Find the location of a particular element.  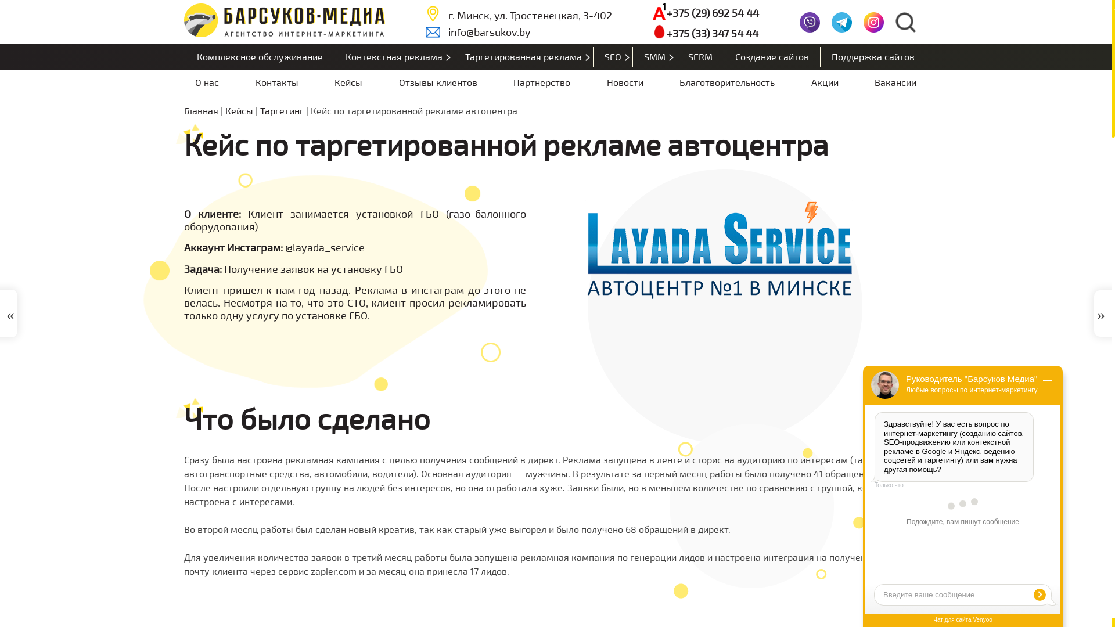

'SERM' is located at coordinates (700, 56).